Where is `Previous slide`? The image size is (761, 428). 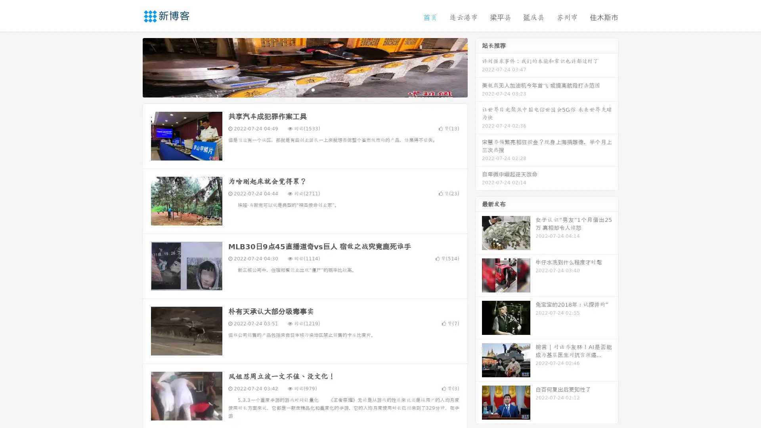 Previous slide is located at coordinates (131, 67).